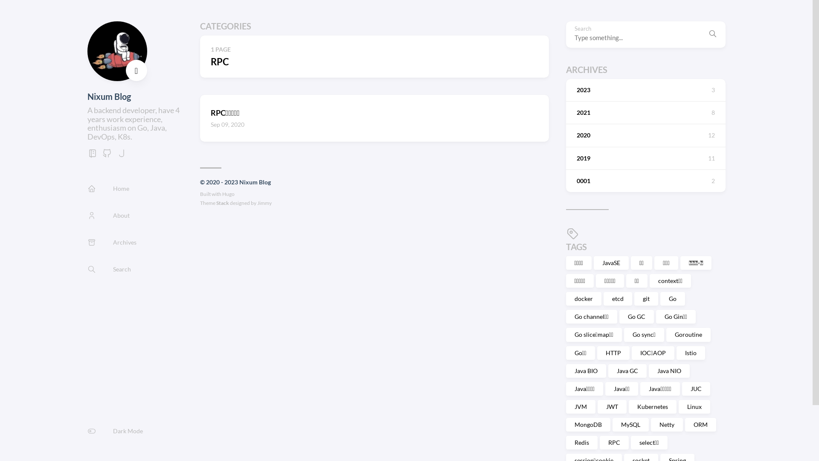 The image size is (819, 461). What do you see at coordinates (580, 406) in the screenshot?
I see `'JVM'` at bounding box center [580, 406].